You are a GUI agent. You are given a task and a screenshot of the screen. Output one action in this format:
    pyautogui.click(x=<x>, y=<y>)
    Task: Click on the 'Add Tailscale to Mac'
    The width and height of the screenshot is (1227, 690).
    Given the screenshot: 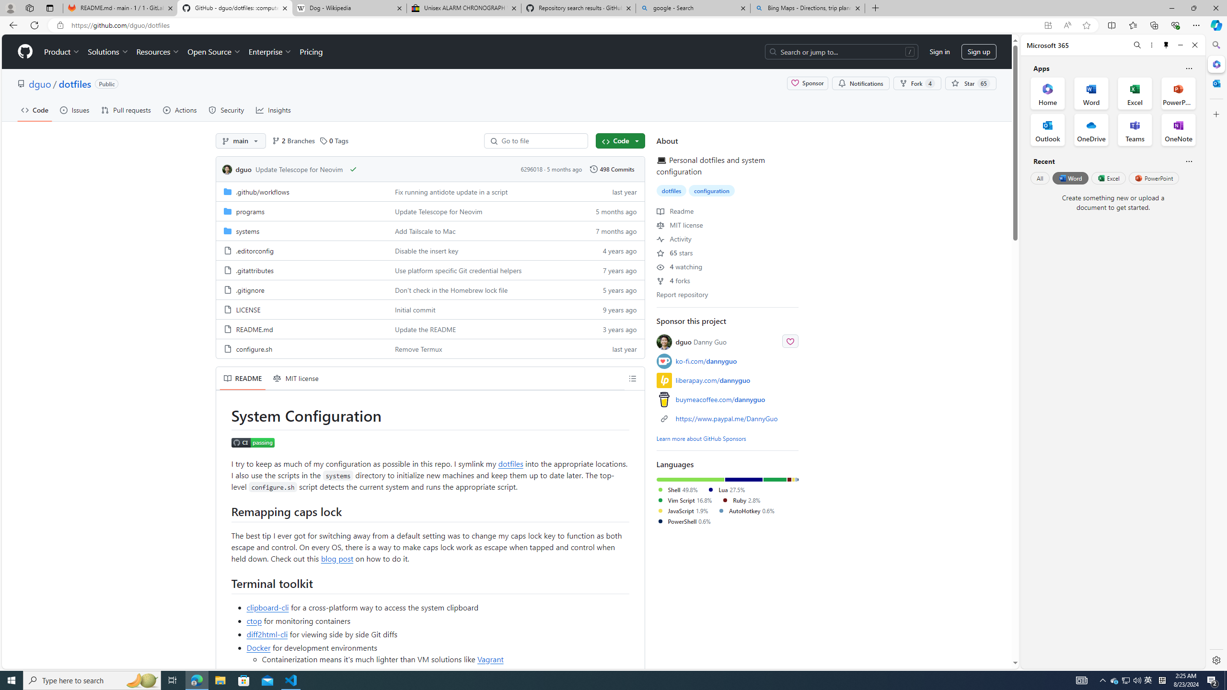 What is the action you would take?
    pyautogui.click(x=425, y=231)
    